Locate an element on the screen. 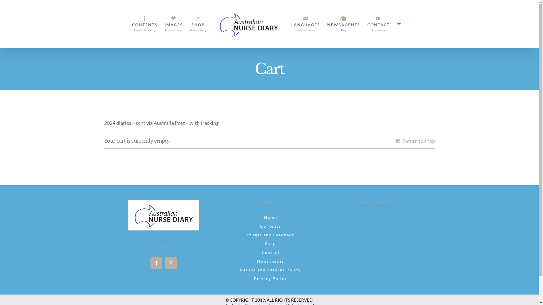  'Privacy Policy' is located at coordinates (269, 278).